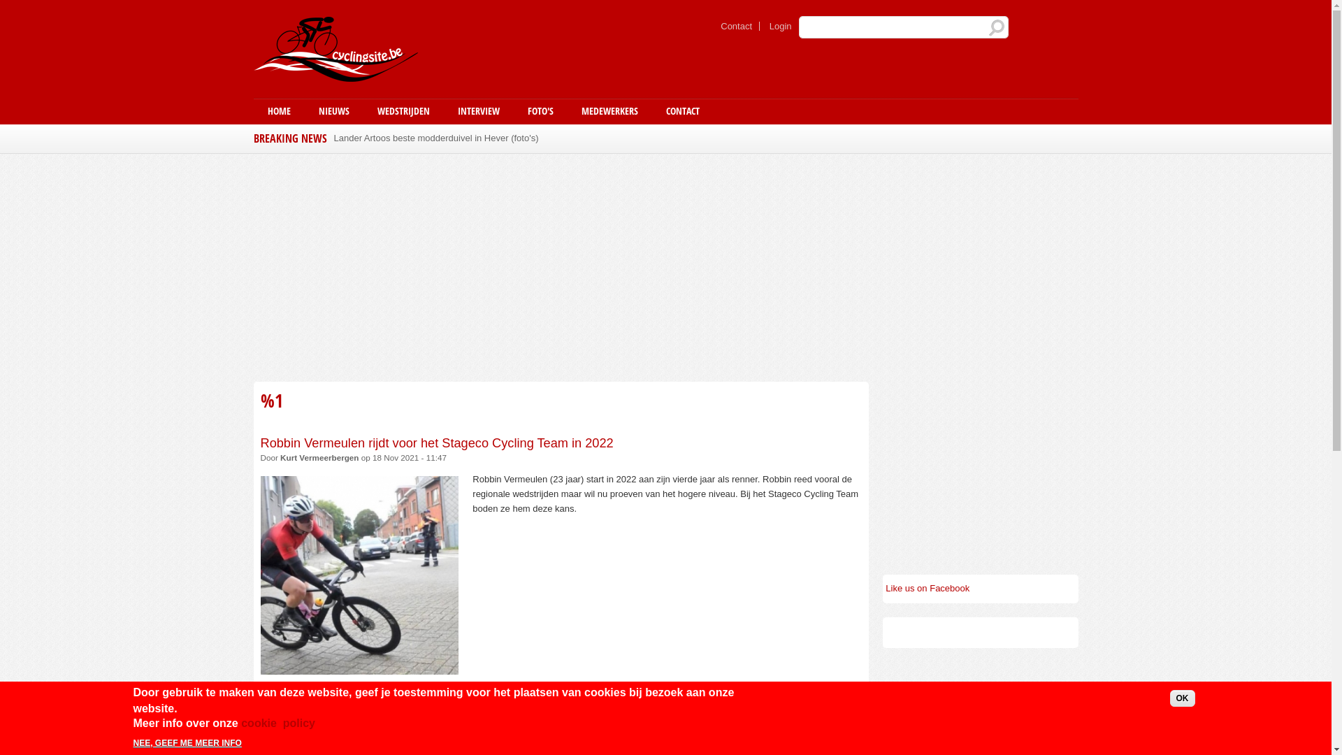 The image size is (1342, 755). What do you see at coordinates (988, 27) in the screenshot?
I see `'Zoeken'` at bounding box center [988, 27].